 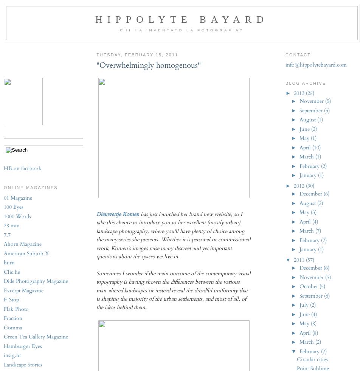 I want to click on '(3)', so click(x=313, y=212).